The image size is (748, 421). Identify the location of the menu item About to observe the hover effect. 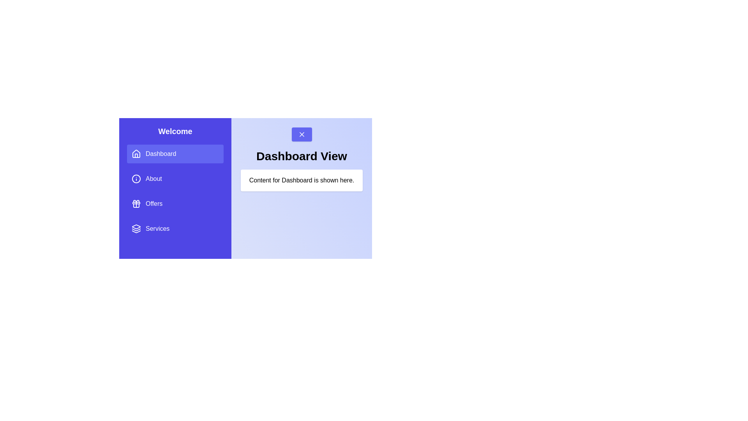
(175, 179).